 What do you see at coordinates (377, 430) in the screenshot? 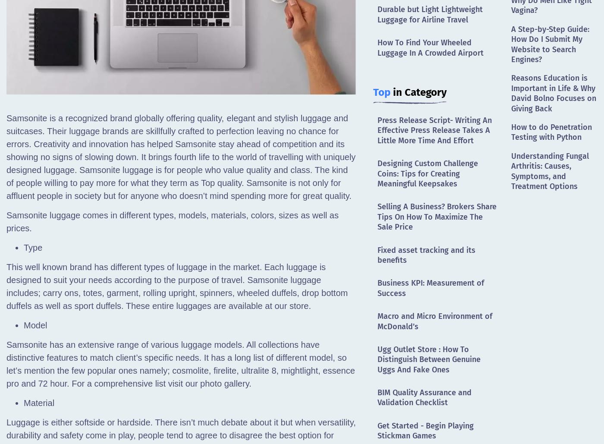
I see `'Get Started - Begin Playing Stickman Games'` at bounding box center [377, 430].